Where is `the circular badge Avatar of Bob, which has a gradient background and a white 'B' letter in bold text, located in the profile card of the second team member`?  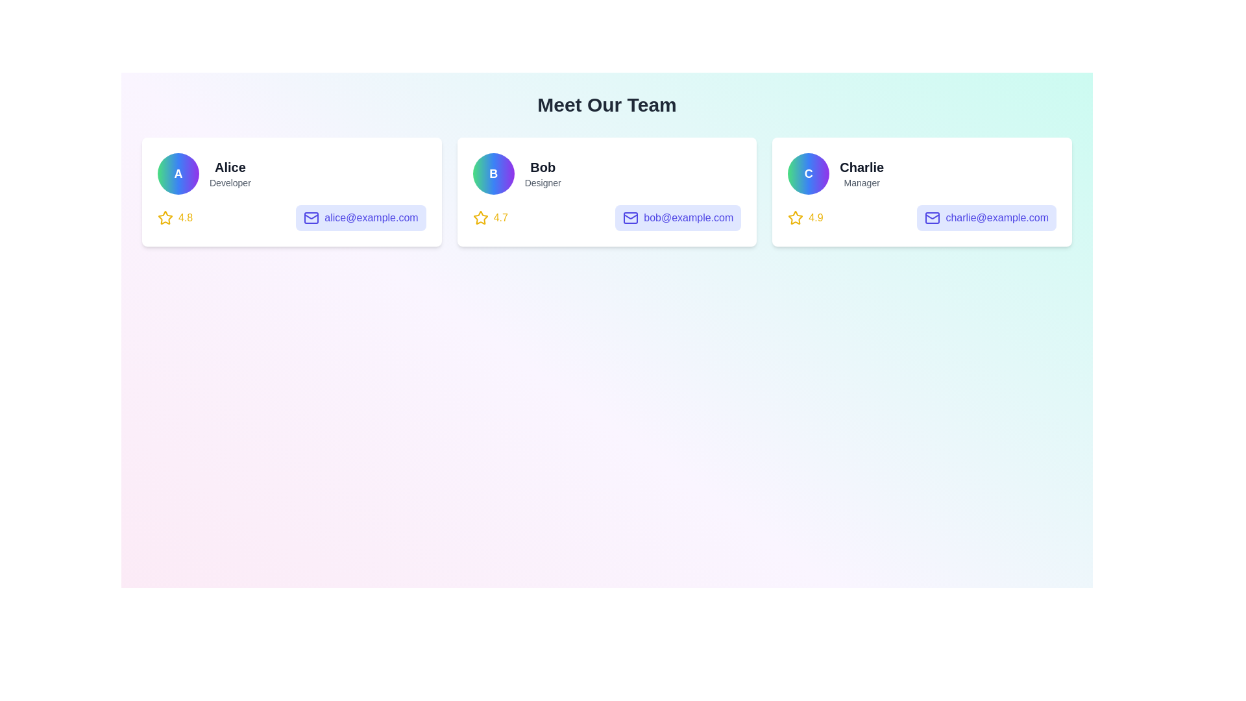 the circular badge Avatar of Bob, which has a gradient background and a white 'B' letter in bold text, located in the profile card of the second team member is located at coordinates (493, 173).